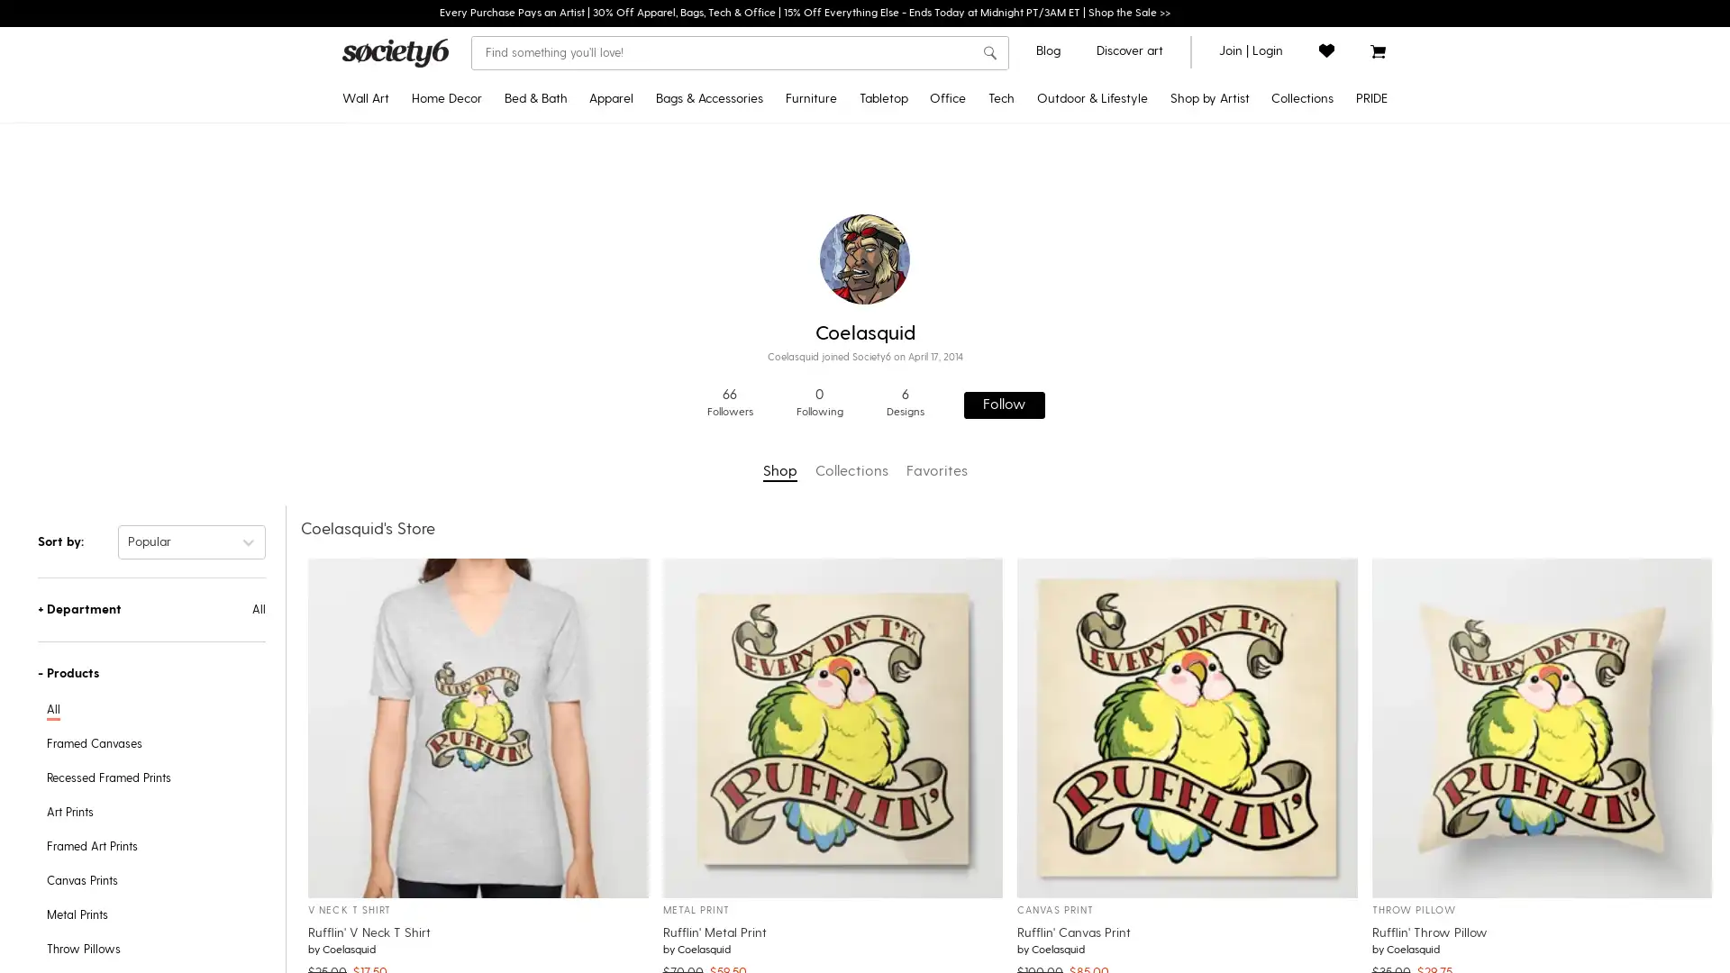  I want to click on Sheer Curtains, so click(480, 318).